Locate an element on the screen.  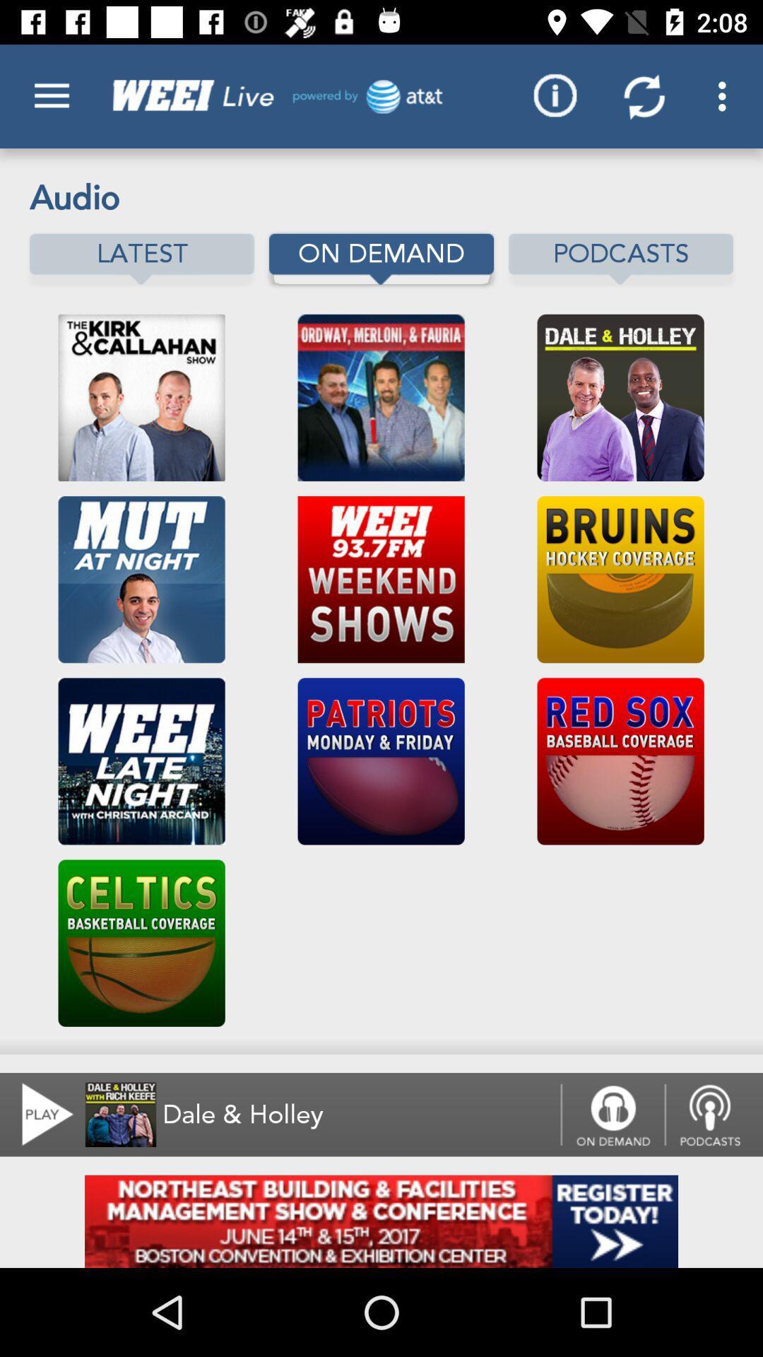
the location icon is located at coordinates (714, 1114).